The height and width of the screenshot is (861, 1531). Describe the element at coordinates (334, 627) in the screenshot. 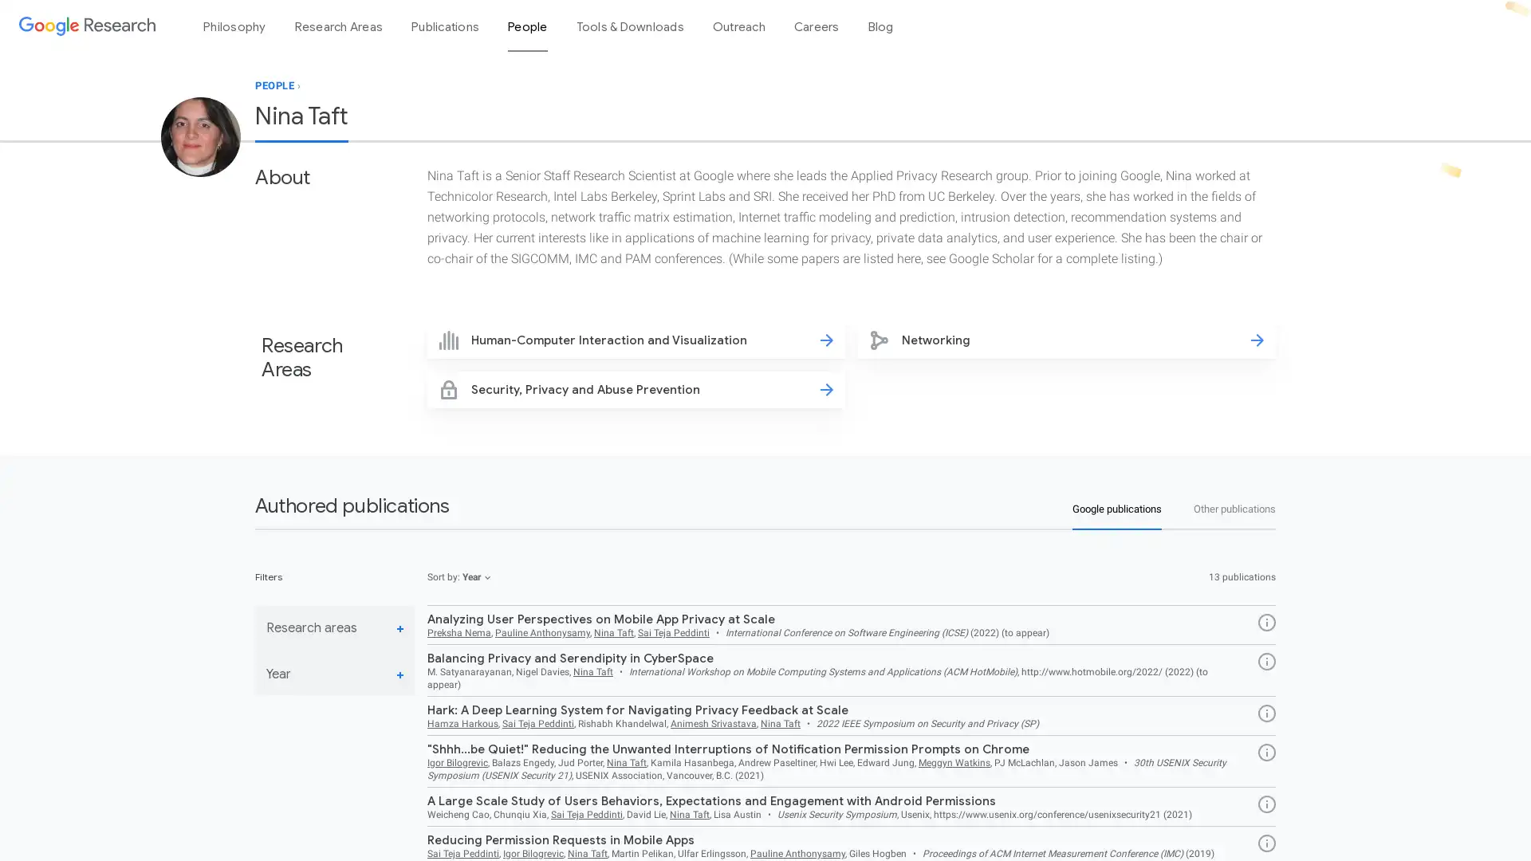

I see `Research areas` at that location.